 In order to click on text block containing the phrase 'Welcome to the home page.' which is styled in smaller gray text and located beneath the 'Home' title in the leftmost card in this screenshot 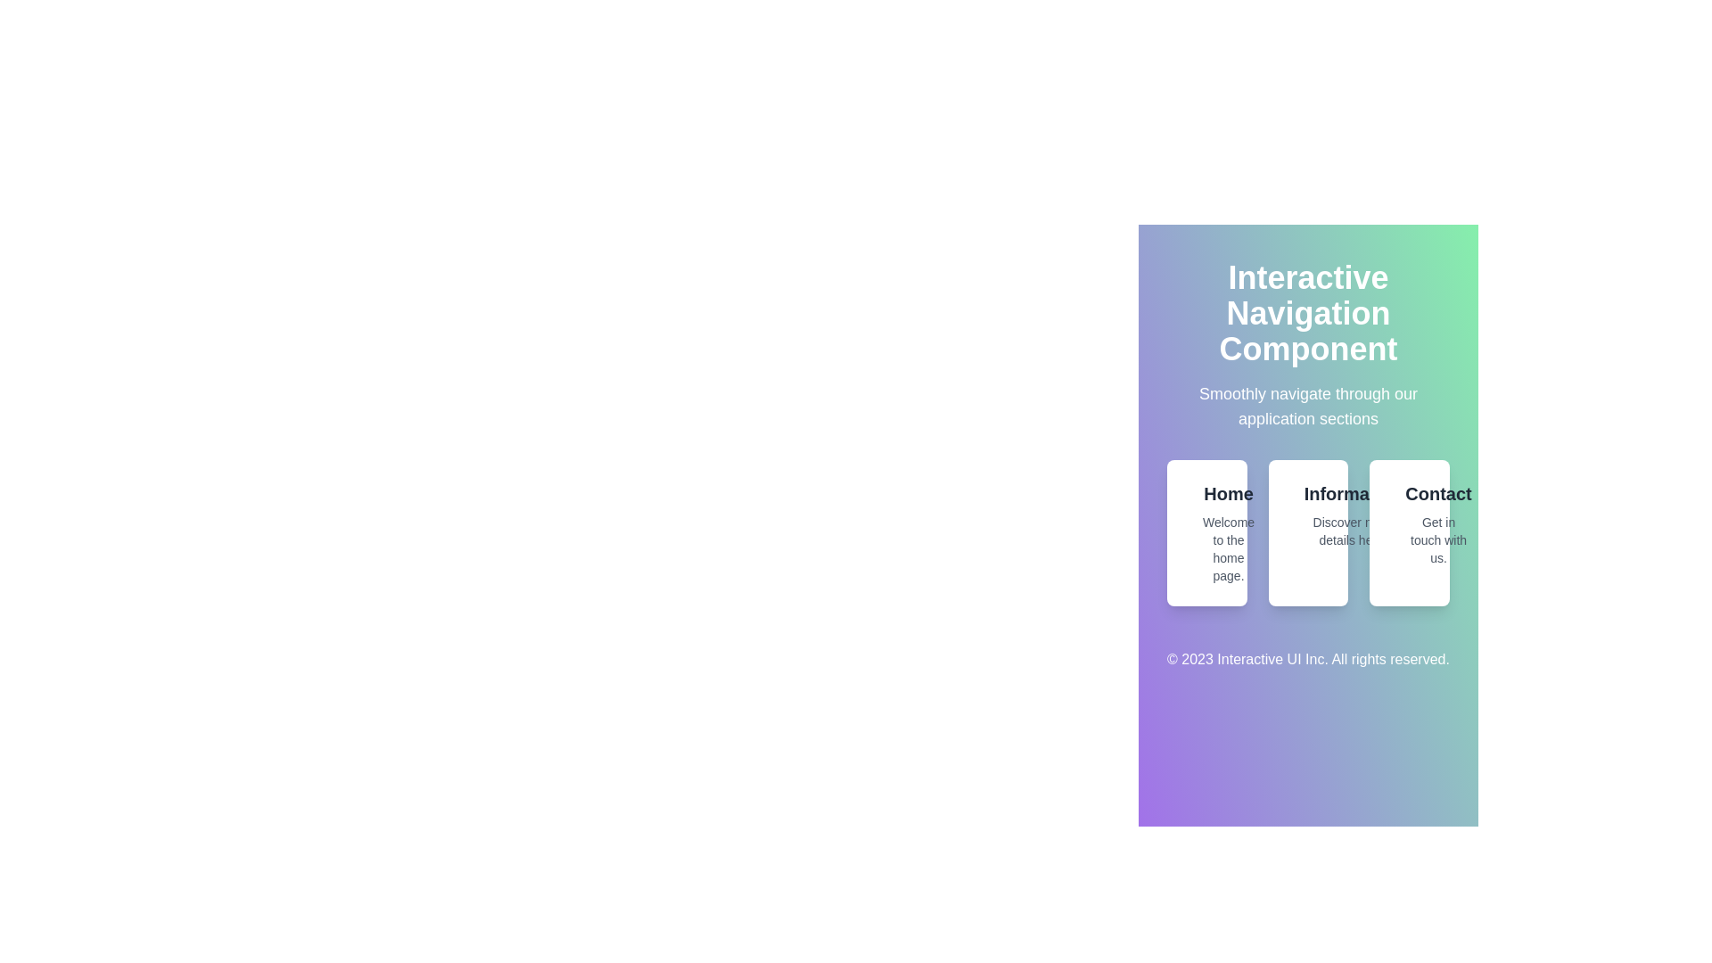, I will do `click(1227, 548)`.